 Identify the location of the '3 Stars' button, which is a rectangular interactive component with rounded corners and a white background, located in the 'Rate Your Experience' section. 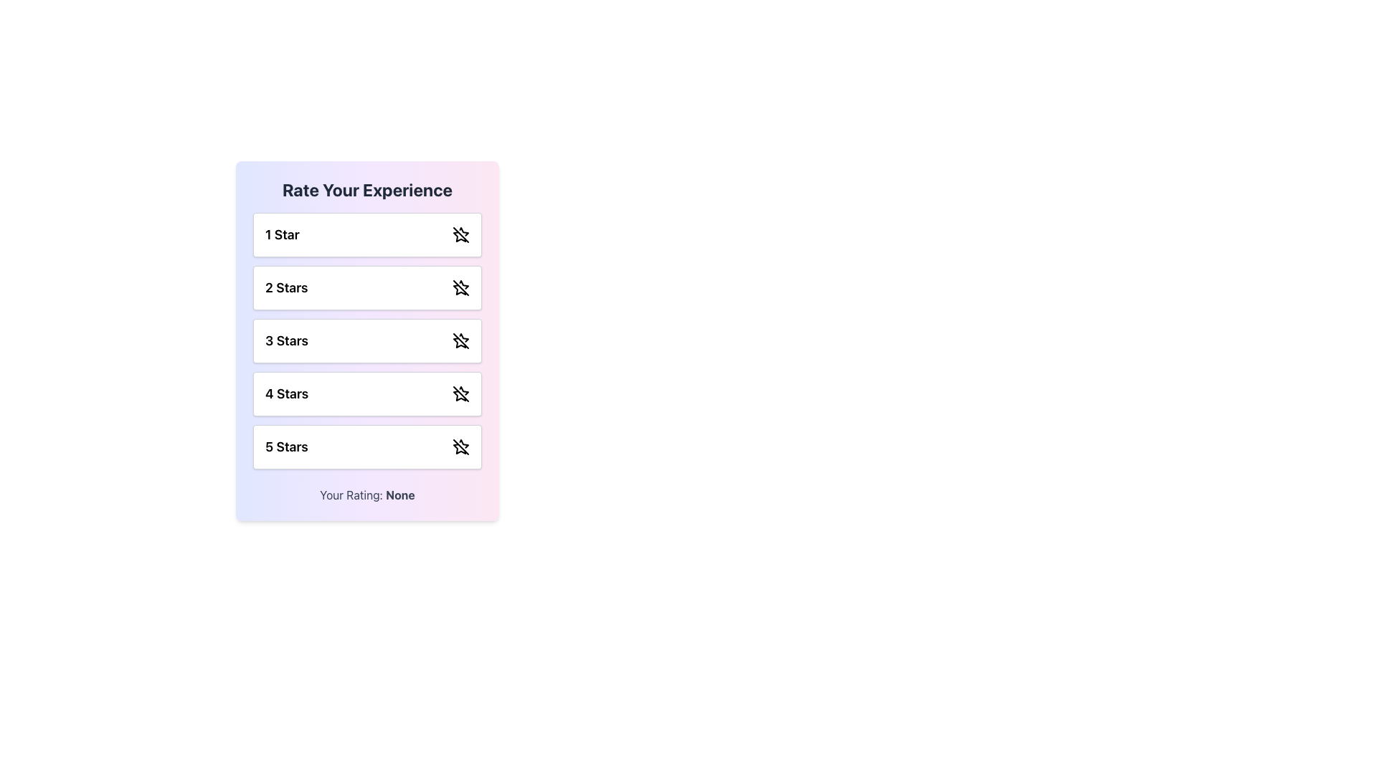
(367, 340).